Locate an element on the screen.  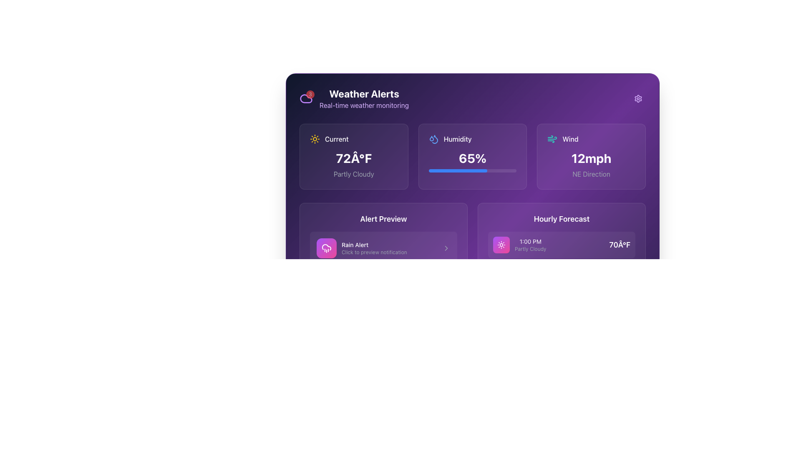
the 'Weather Alerts' text label, which serves as a title for the section indicating weather monitoring details is located at coordinates (364, 93).